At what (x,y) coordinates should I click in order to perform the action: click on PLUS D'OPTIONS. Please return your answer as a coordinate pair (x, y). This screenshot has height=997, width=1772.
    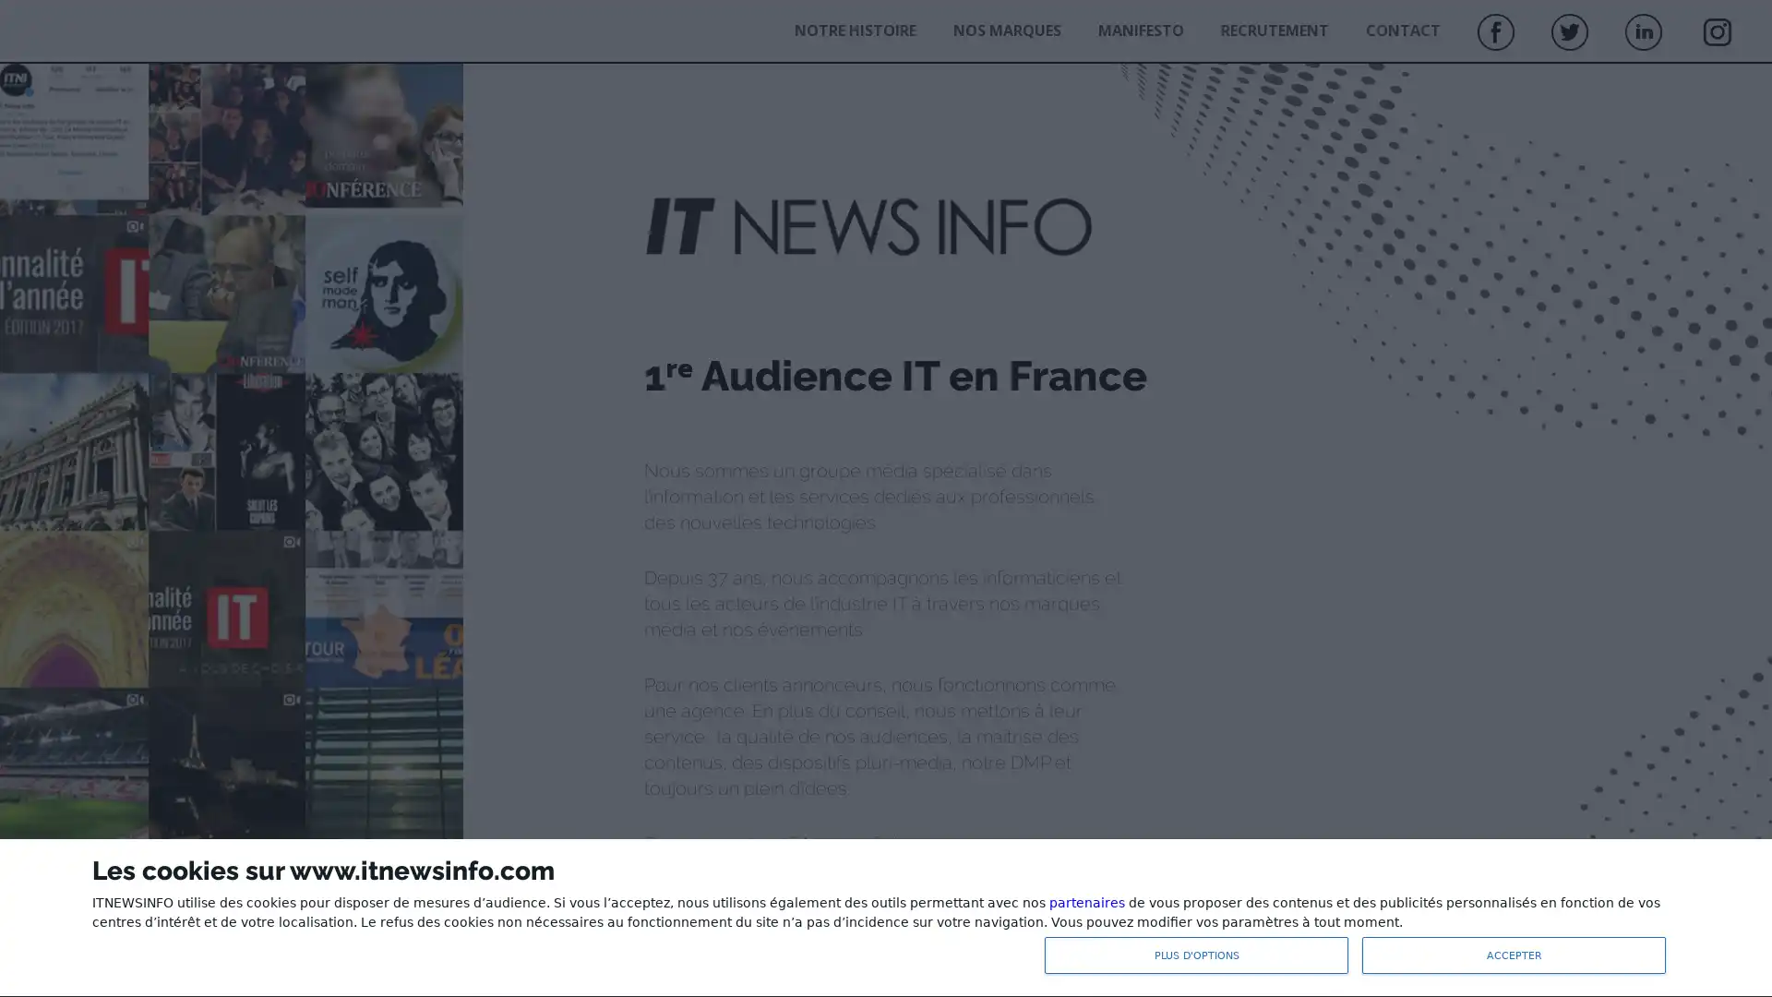
    Looking at the image, I should click on (1196, 955).